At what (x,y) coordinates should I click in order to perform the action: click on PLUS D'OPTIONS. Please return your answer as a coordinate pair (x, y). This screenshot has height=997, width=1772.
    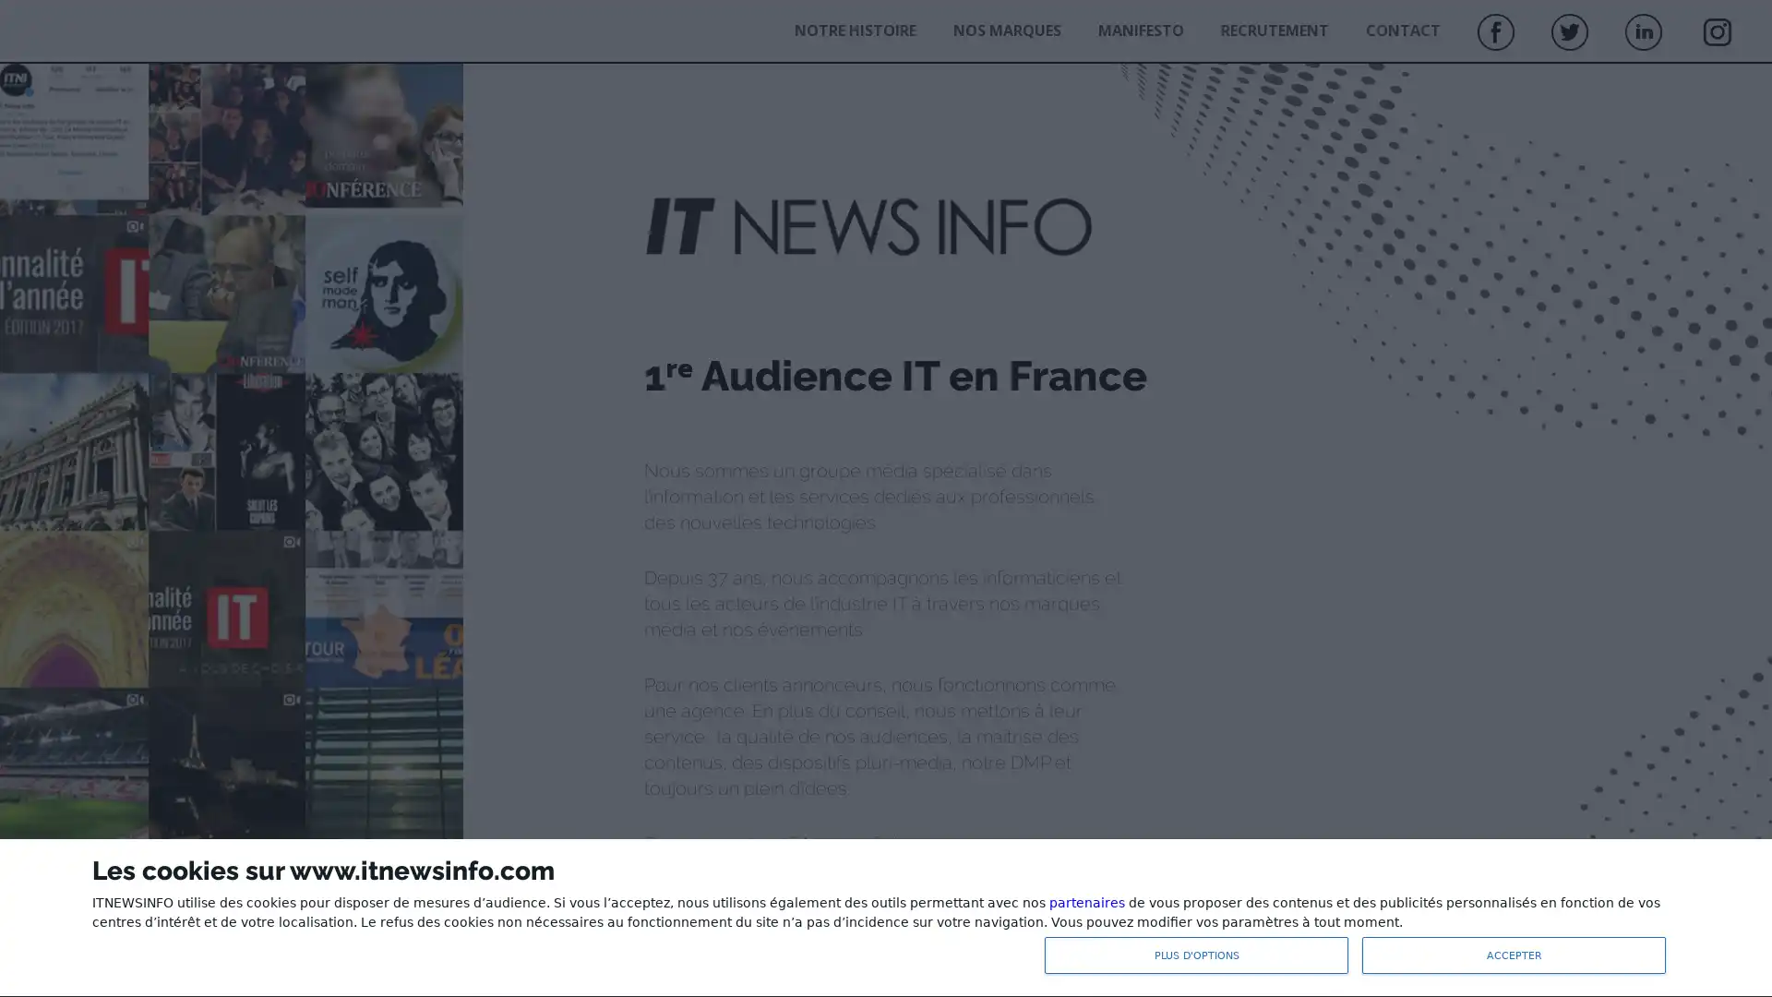
    Looking at the image, I should click on (1196, 955).